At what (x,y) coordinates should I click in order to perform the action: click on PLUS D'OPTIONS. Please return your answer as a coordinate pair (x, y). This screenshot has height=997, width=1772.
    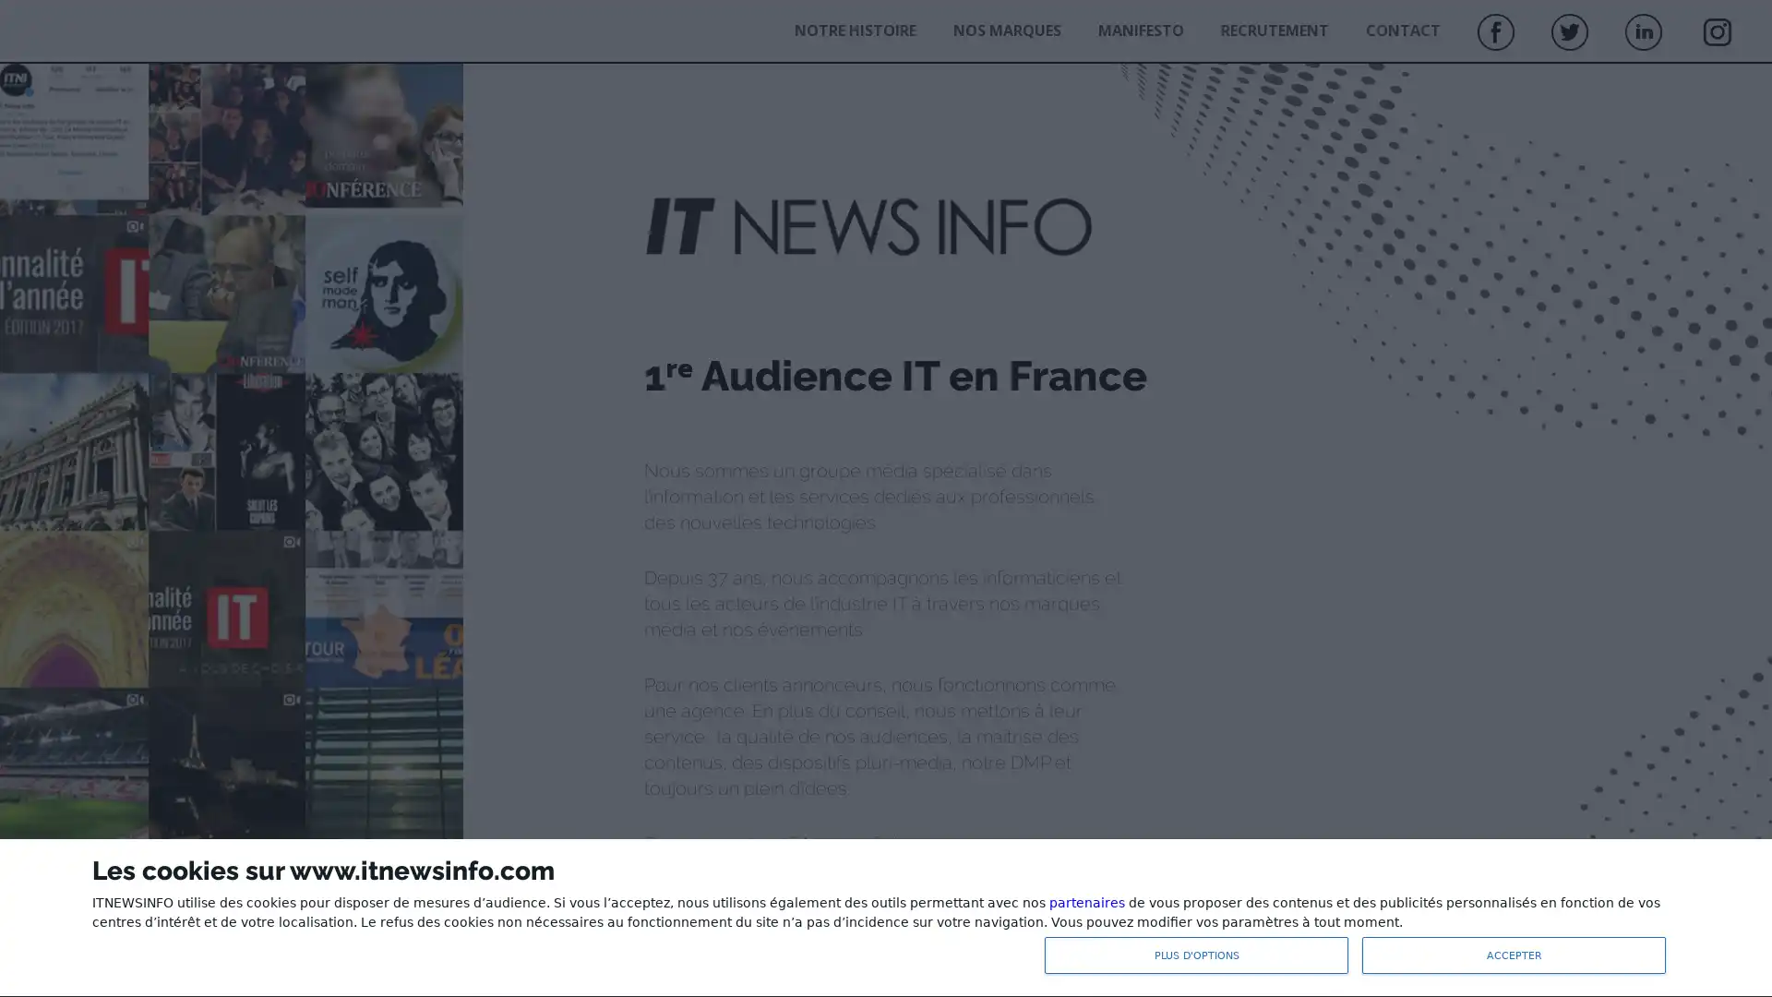
    Looking at the image, I should click on (1196, 955).